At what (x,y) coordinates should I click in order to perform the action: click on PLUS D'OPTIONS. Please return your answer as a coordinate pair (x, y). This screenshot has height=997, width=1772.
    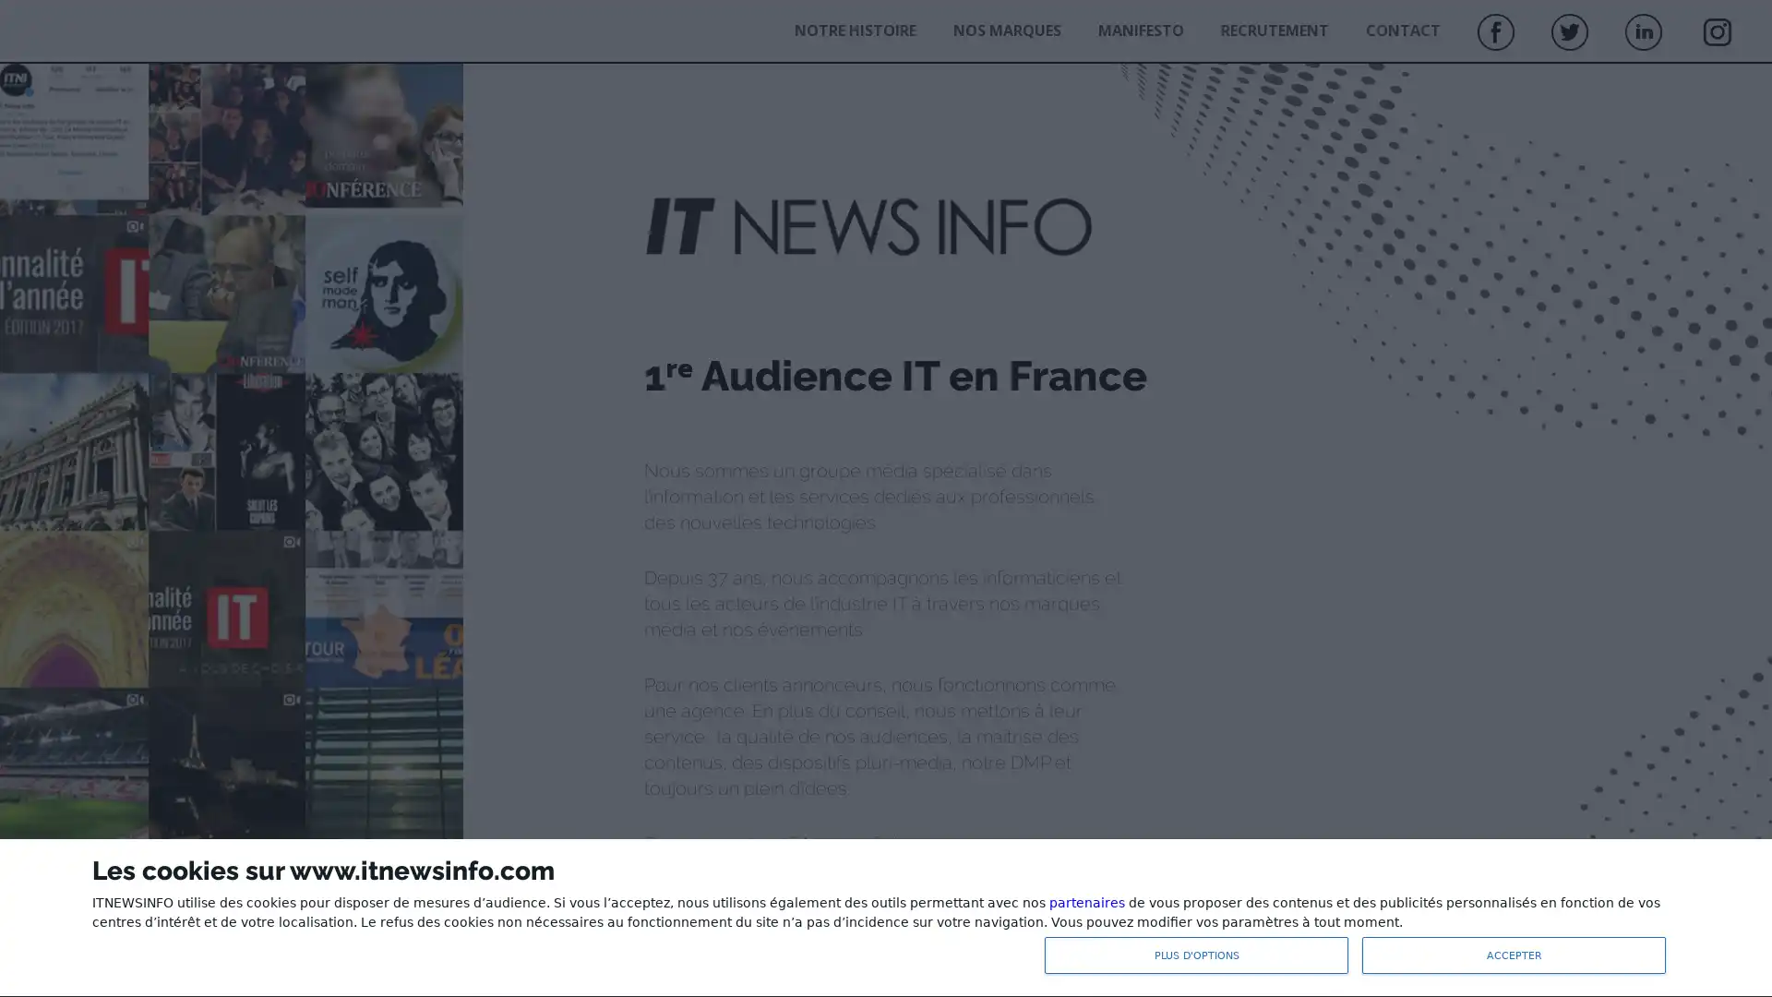
    Looking at the image, I should click on (1196, 955).